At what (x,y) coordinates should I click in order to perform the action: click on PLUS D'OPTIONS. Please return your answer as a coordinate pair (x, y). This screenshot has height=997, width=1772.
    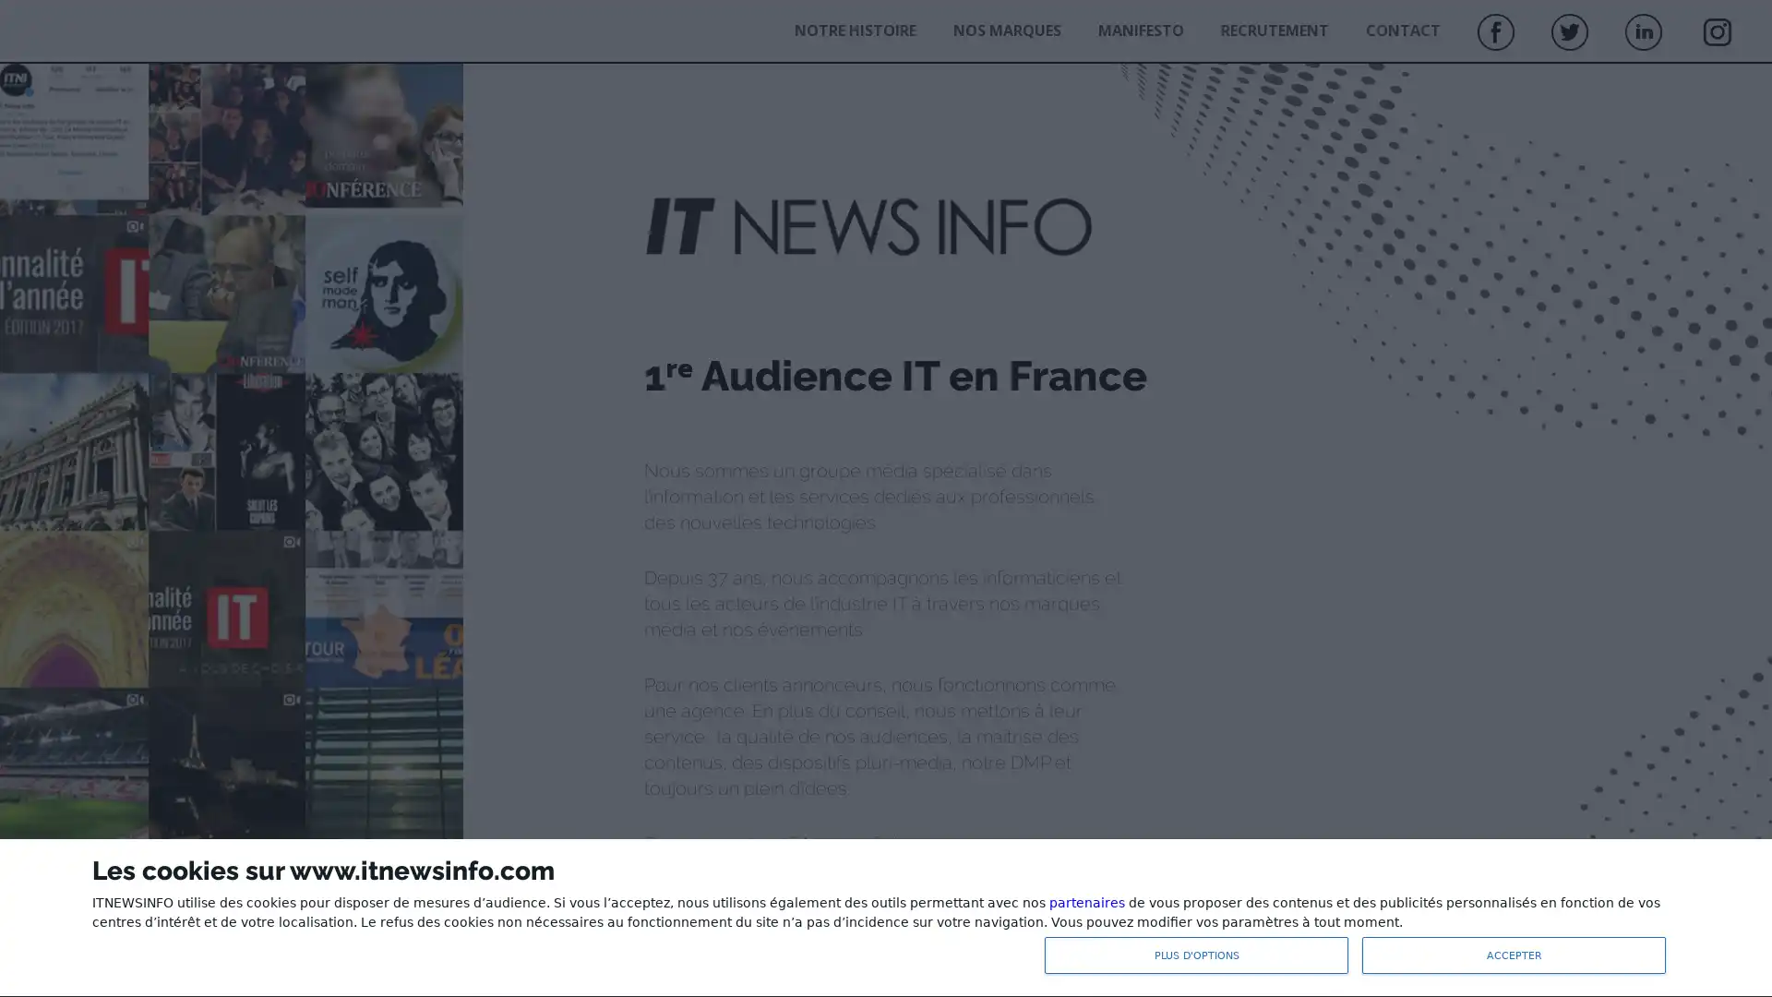
    Looking at the image, I should click on (1196, 955).